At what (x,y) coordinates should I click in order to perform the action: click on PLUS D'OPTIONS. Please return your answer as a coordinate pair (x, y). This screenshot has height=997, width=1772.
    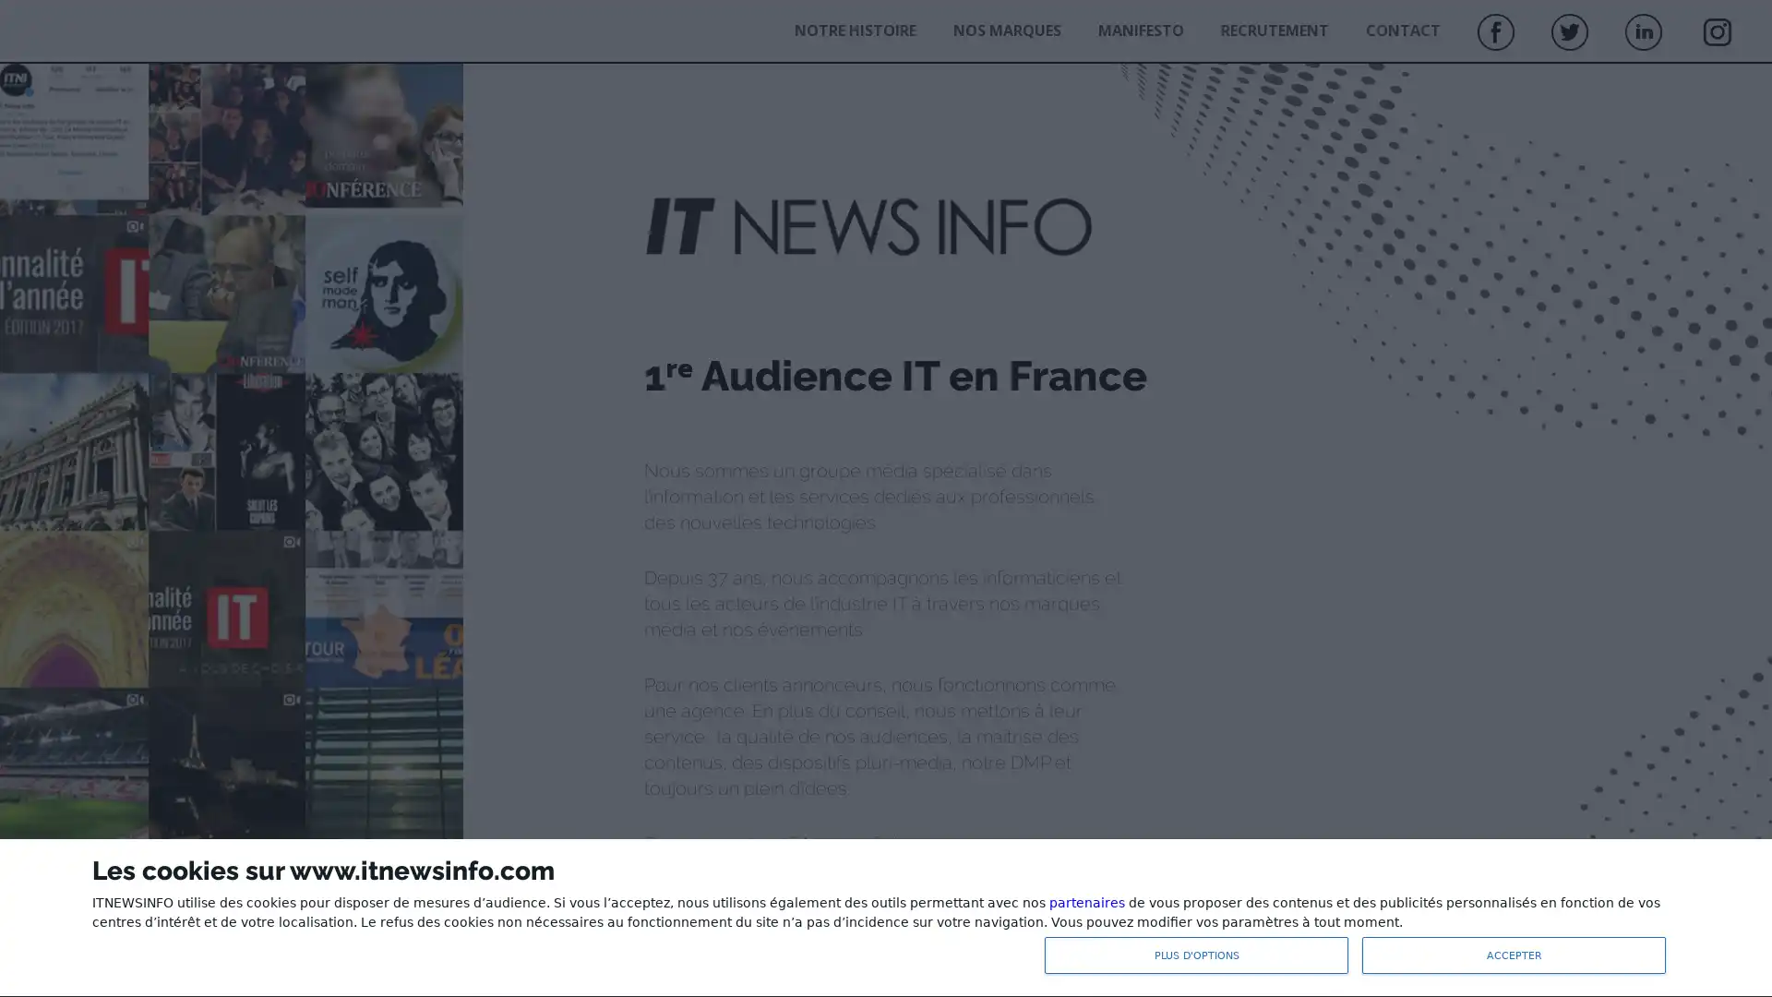
    Looking at the image, I should click on (1196, 955).